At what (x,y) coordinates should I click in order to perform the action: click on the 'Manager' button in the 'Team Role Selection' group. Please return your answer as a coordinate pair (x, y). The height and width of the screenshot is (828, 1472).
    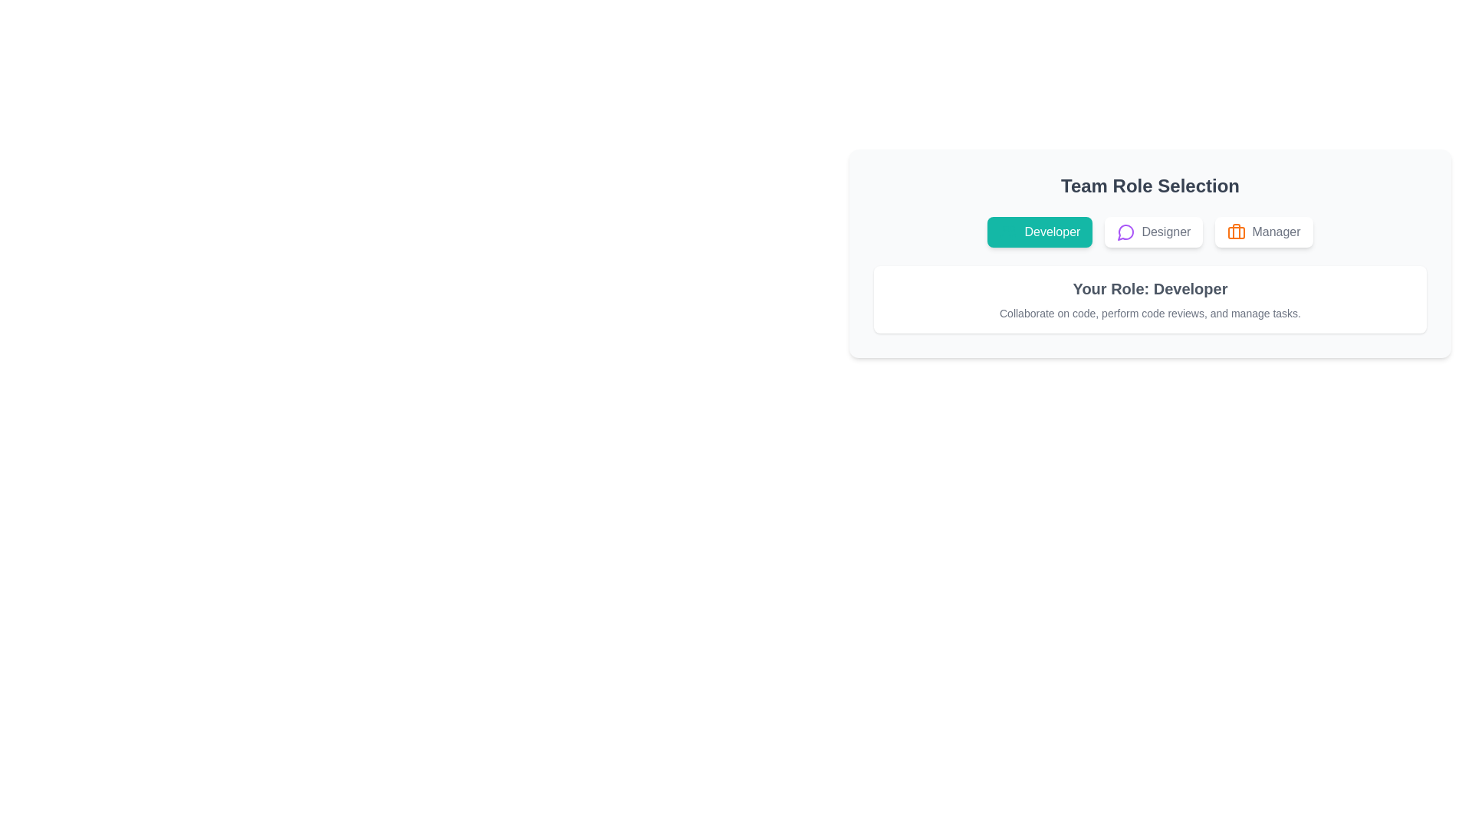
    Looking at the image, I should click on (1263, 232).